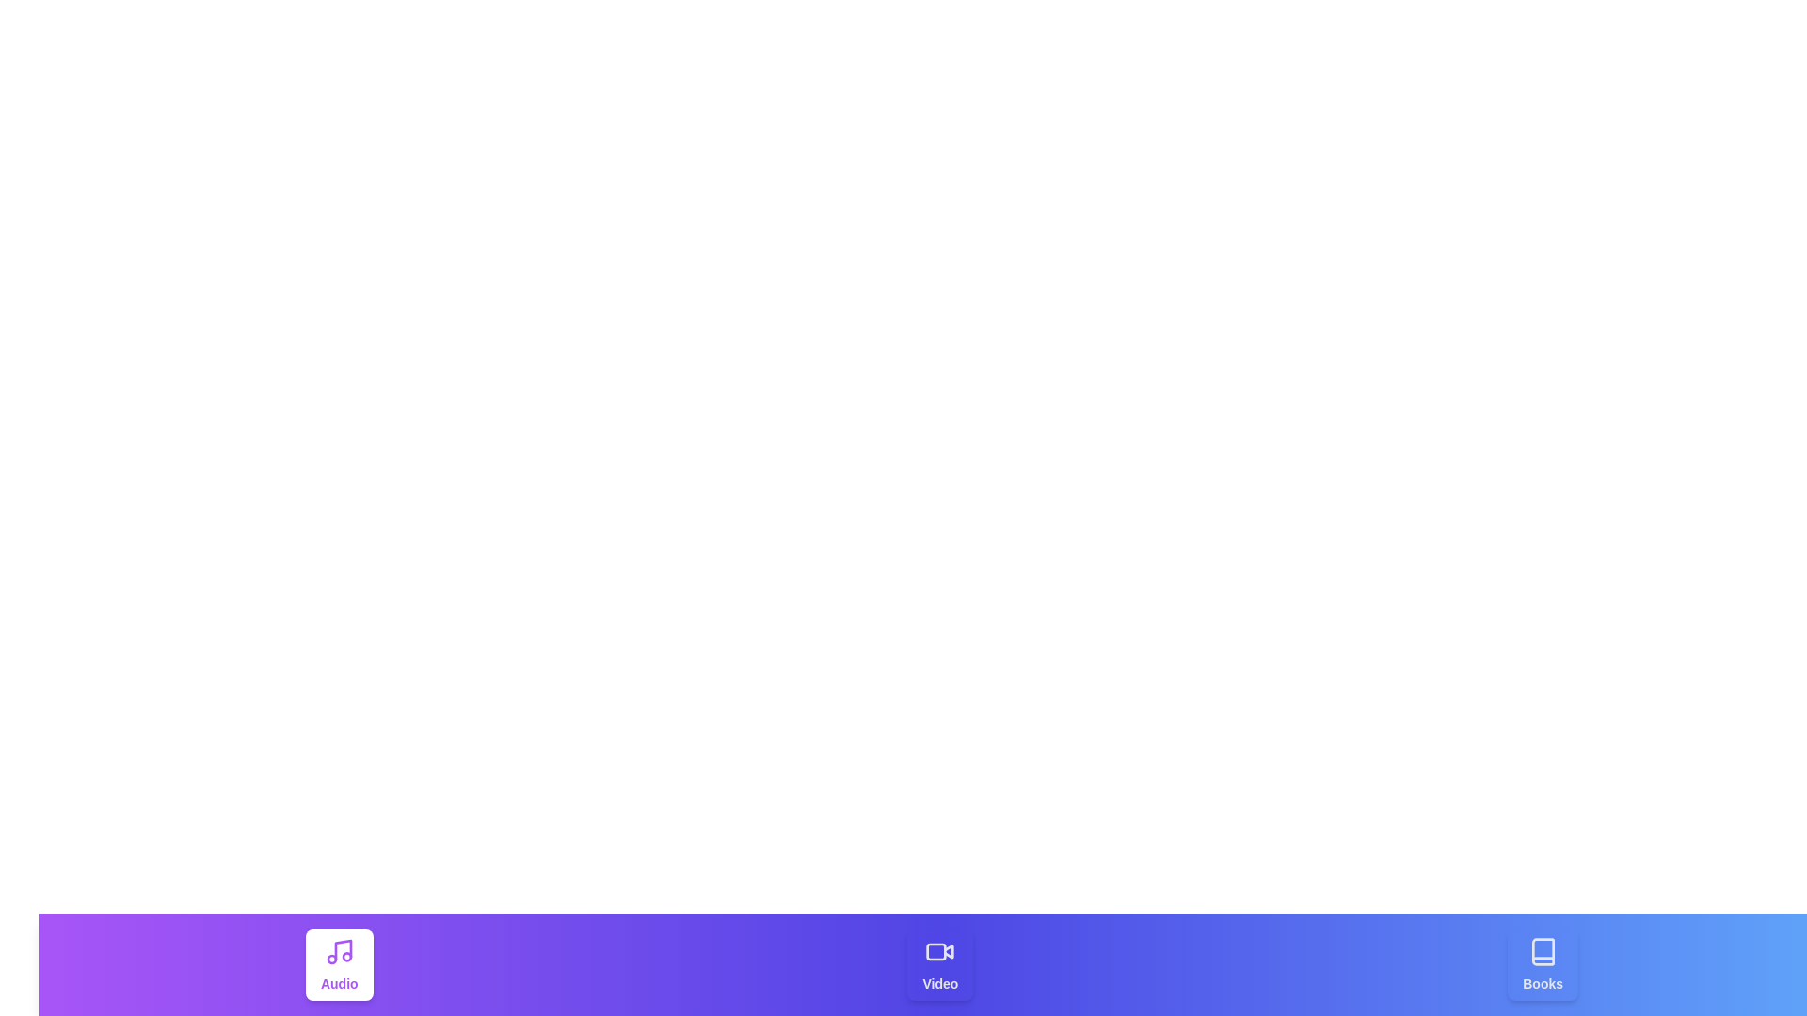  What do you see at coordinates (1543, 965) in the screenshot?
I see `the 'Books' tab to select it` at bounding box center [1543, 965].